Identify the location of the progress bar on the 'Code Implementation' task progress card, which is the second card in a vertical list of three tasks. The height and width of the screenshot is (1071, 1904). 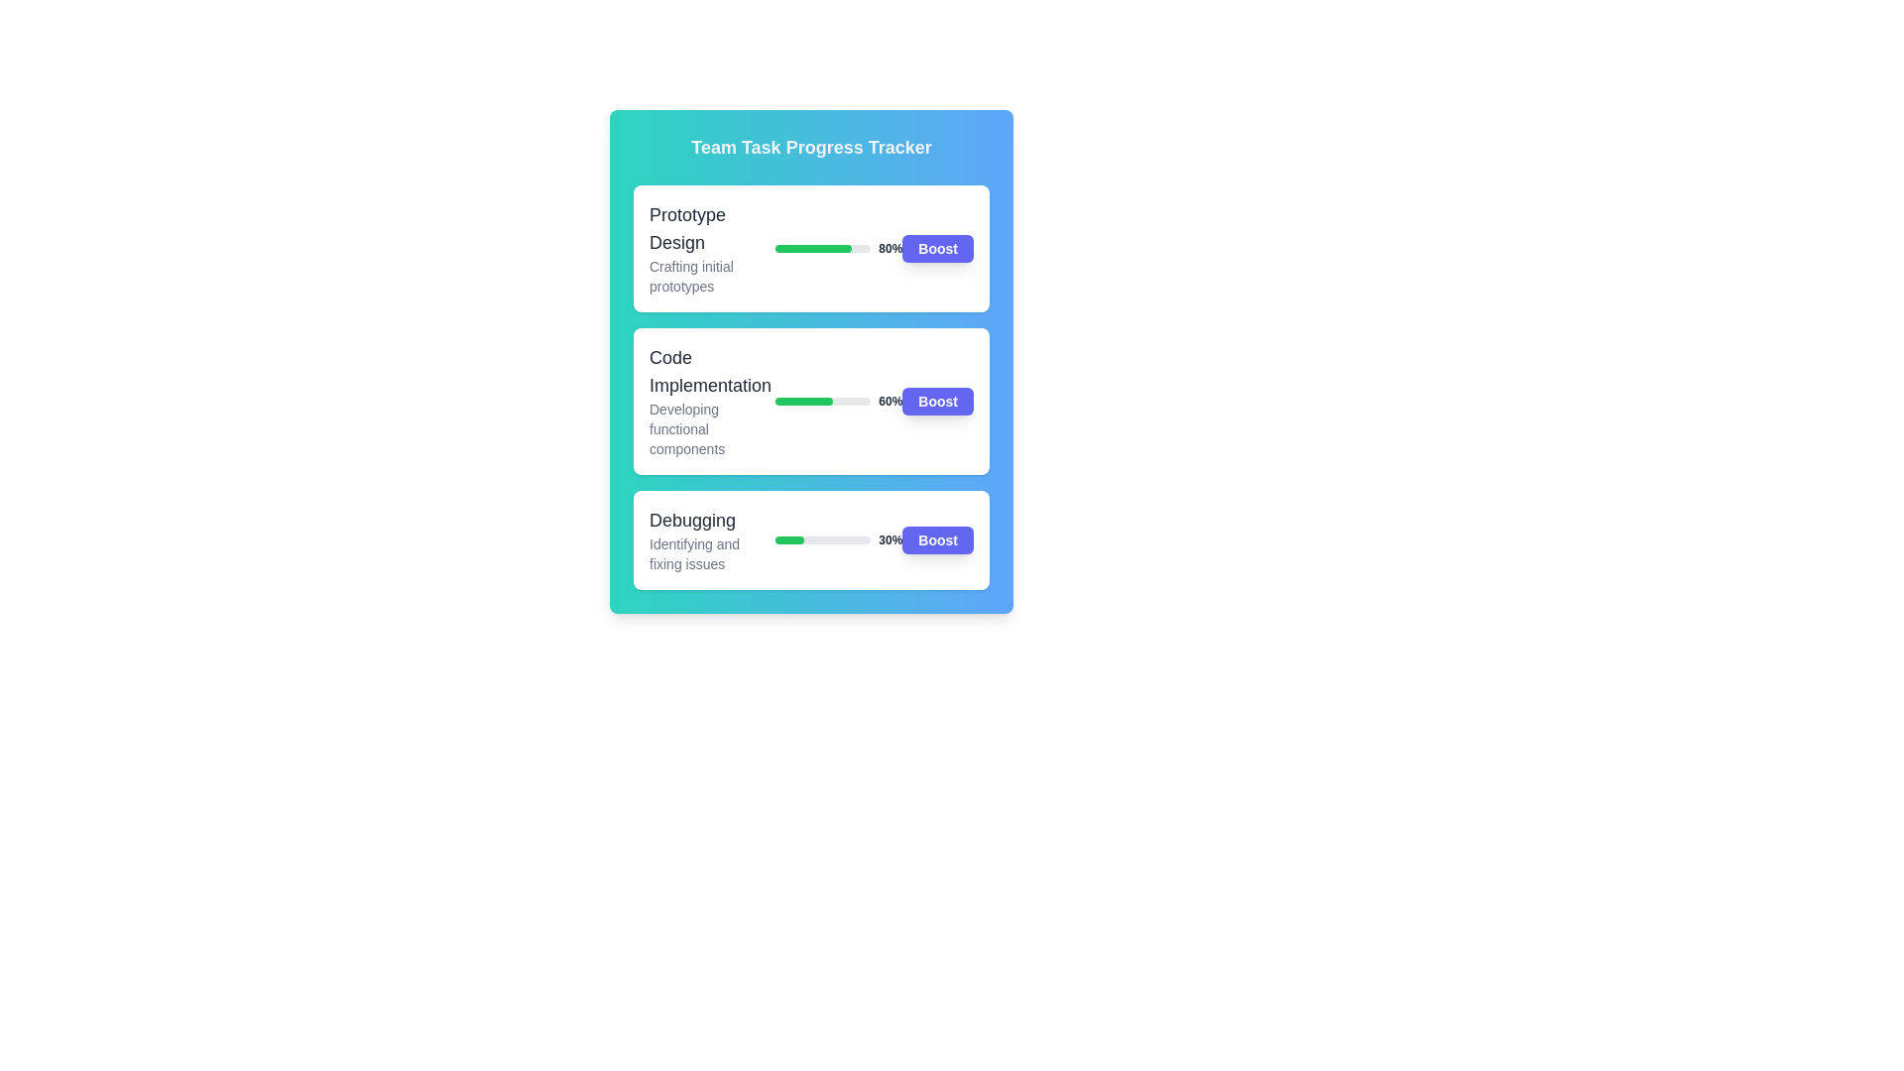
(811, 402).